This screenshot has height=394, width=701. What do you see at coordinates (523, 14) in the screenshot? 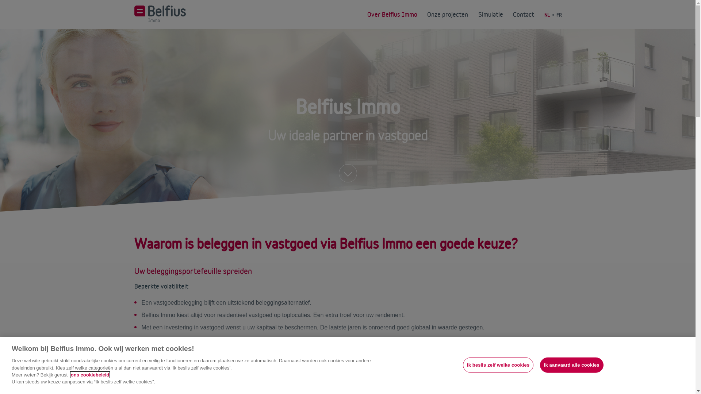
I see `'Contact'` at bounding box center [523, 14].